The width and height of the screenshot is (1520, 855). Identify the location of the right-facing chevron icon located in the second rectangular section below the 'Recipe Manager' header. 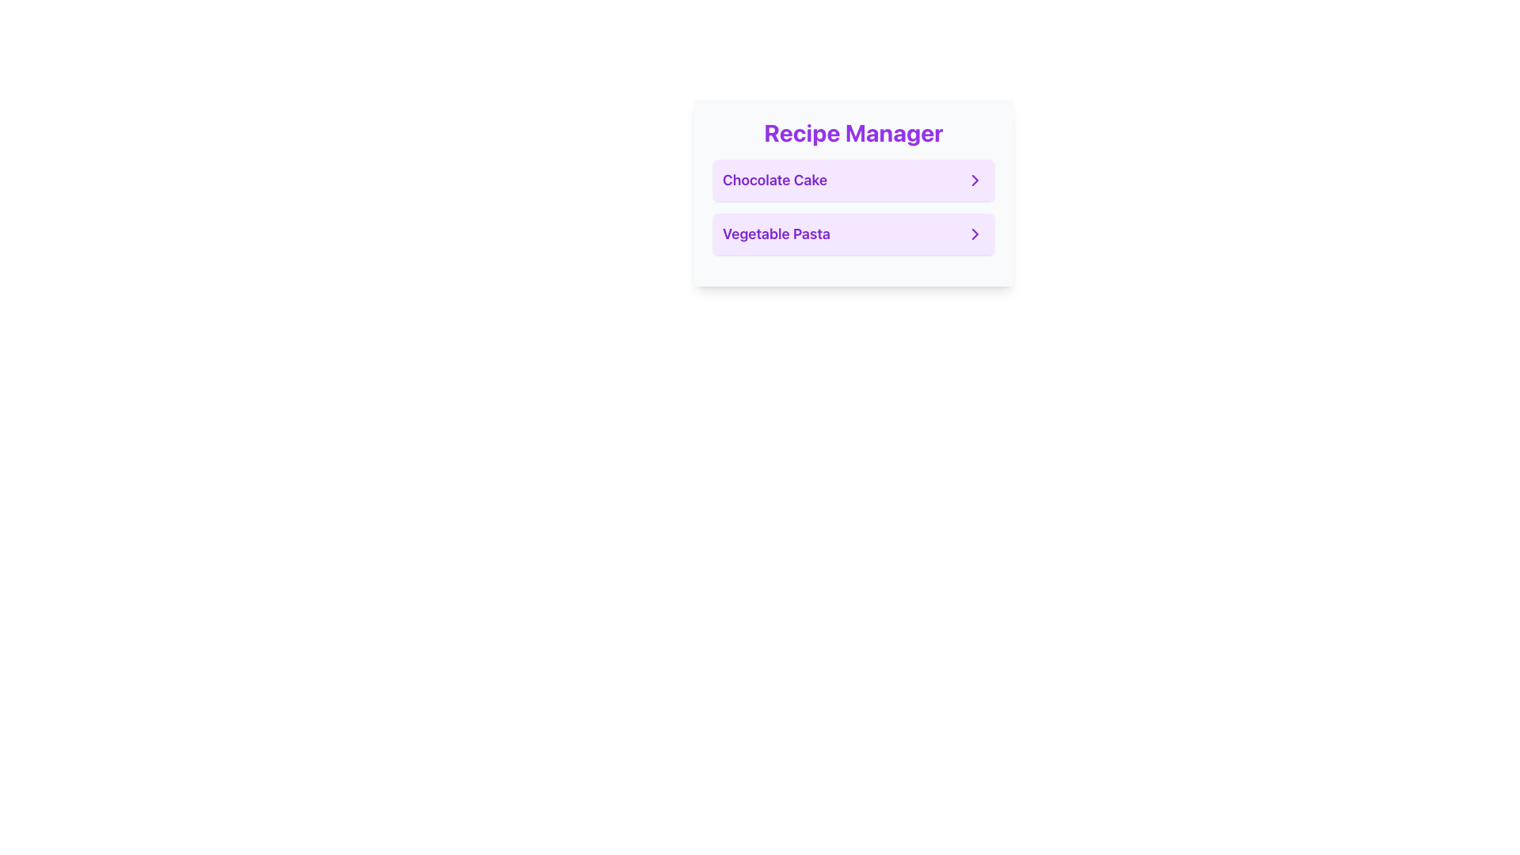
(975, 234).